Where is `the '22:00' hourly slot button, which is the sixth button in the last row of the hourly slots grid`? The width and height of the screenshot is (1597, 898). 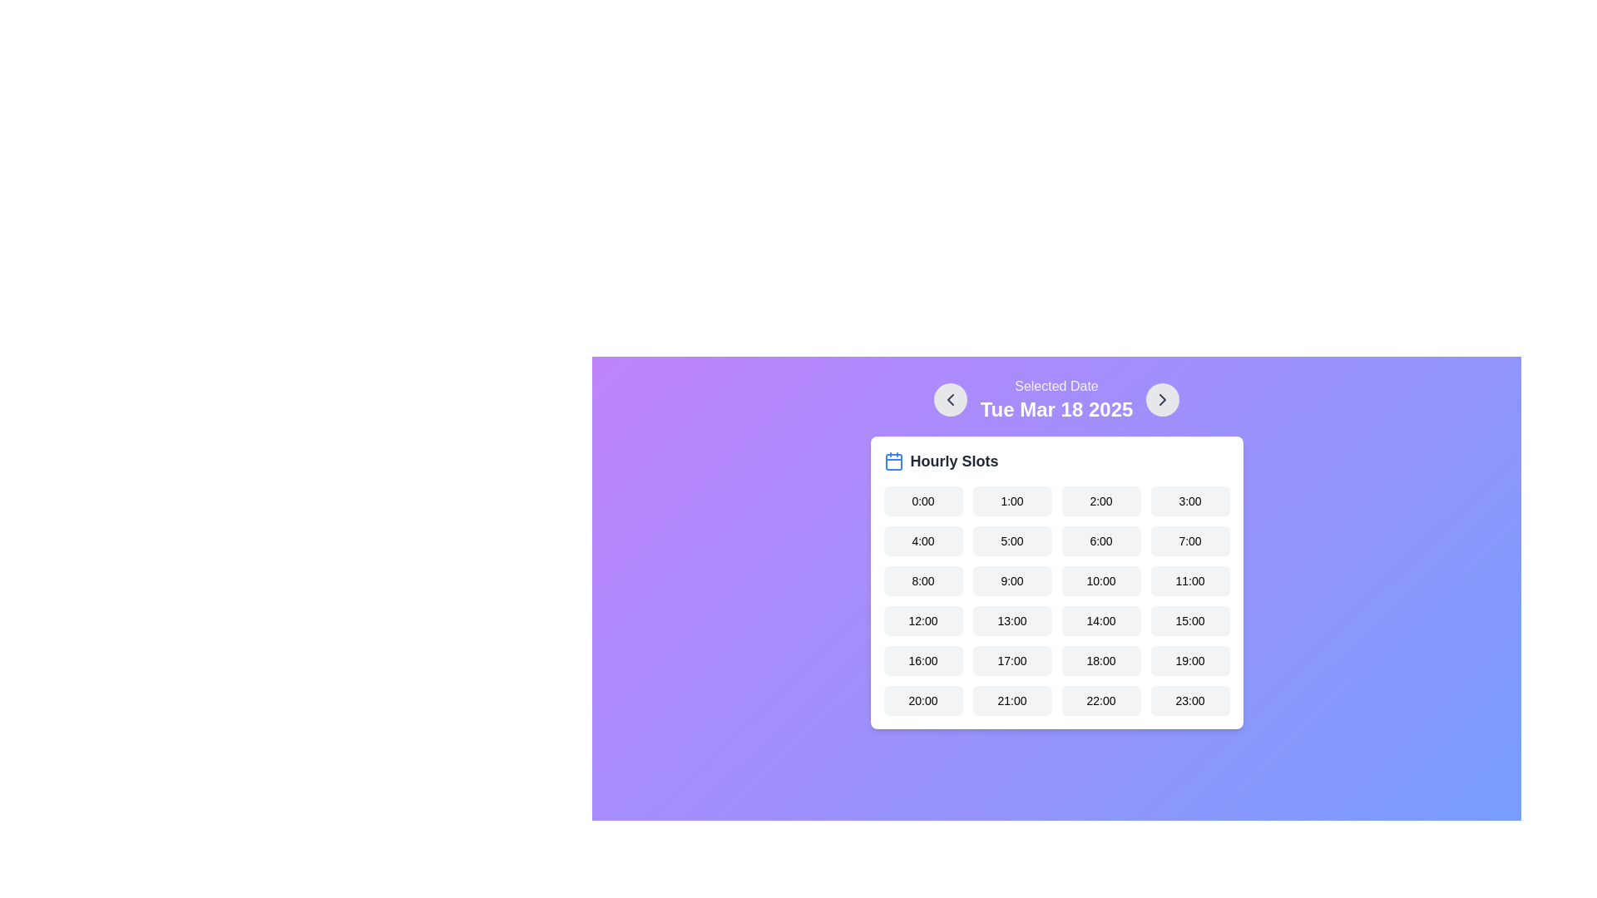 the '22:00' hourly slot button, which is the sixth button in the last row of the hourly slots grid is located at coordinates (1101, 701).